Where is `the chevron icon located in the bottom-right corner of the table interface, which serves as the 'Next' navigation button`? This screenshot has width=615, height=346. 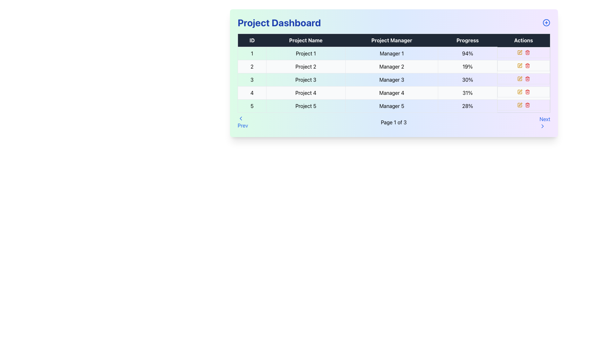
the chevron icon located in the bottom-right corner of the table interface, which serves as the 'Next' navigation button is located at coordinates (542, 126).